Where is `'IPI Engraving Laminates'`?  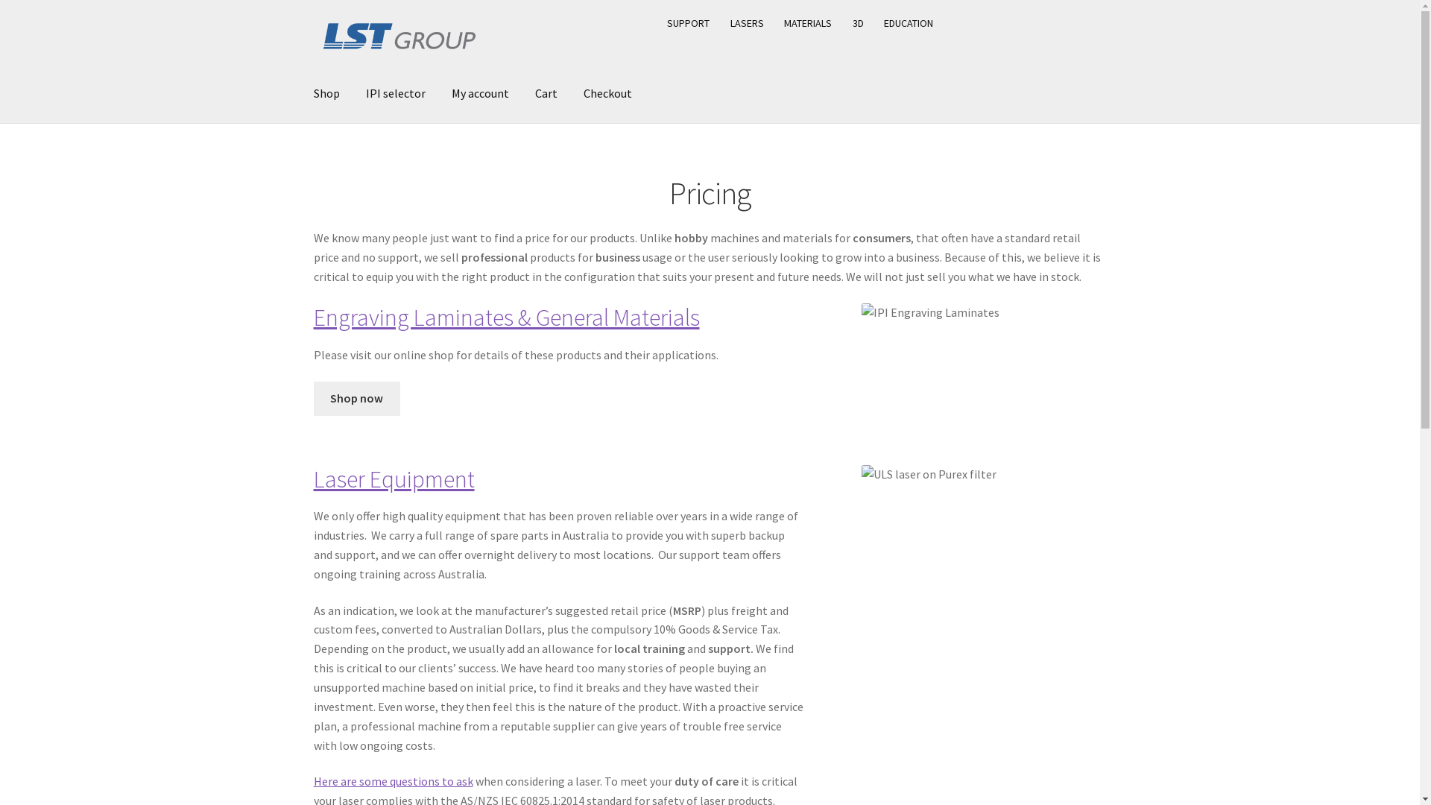
'IPI Engraving Laminates' is located at coordinates (862, 312).